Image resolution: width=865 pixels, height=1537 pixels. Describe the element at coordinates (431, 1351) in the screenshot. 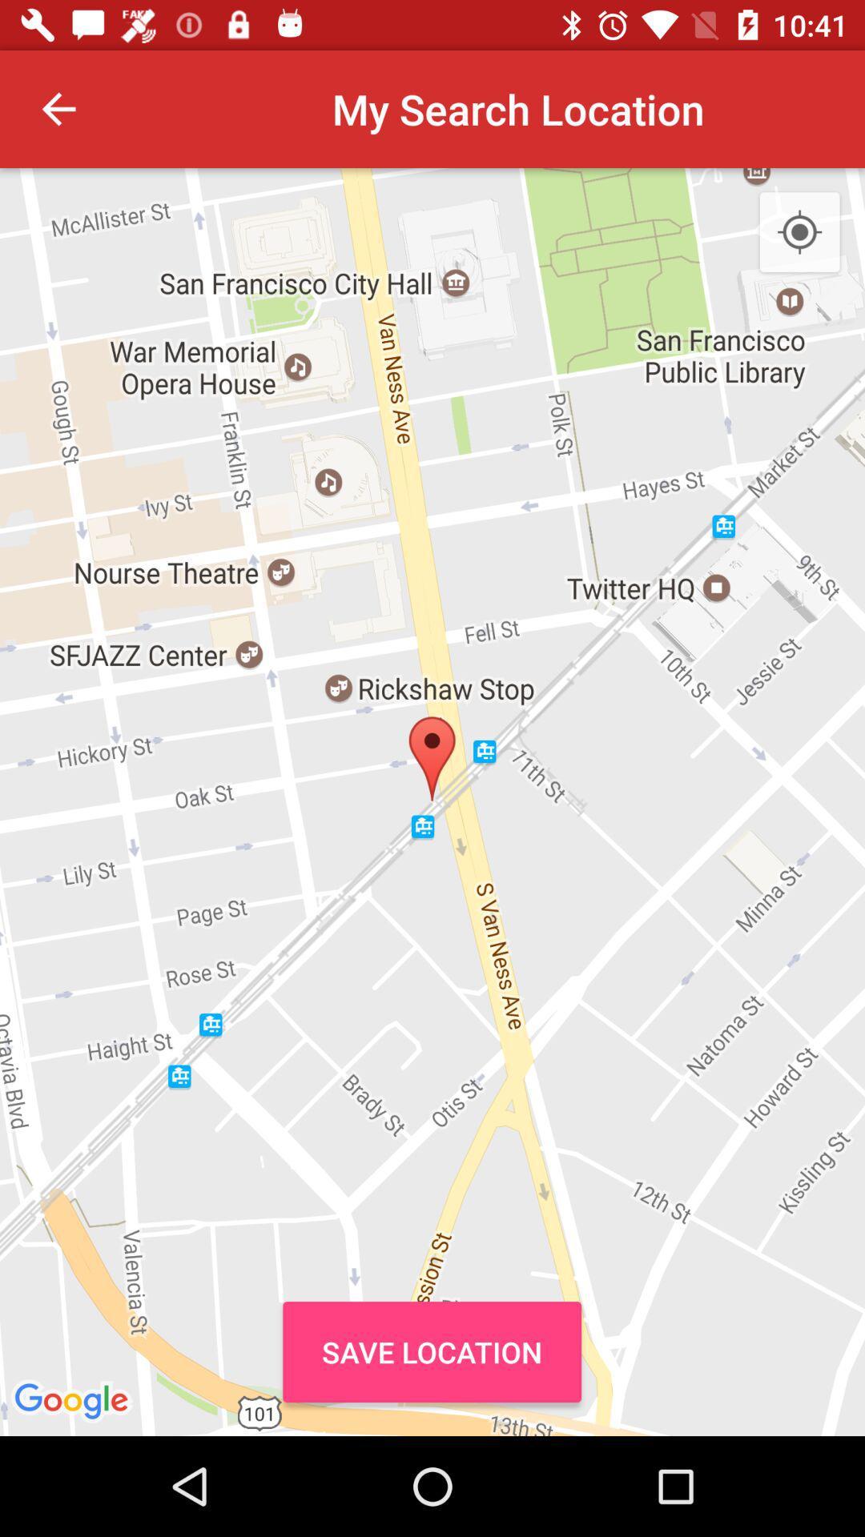

I see `the save location` at that location.